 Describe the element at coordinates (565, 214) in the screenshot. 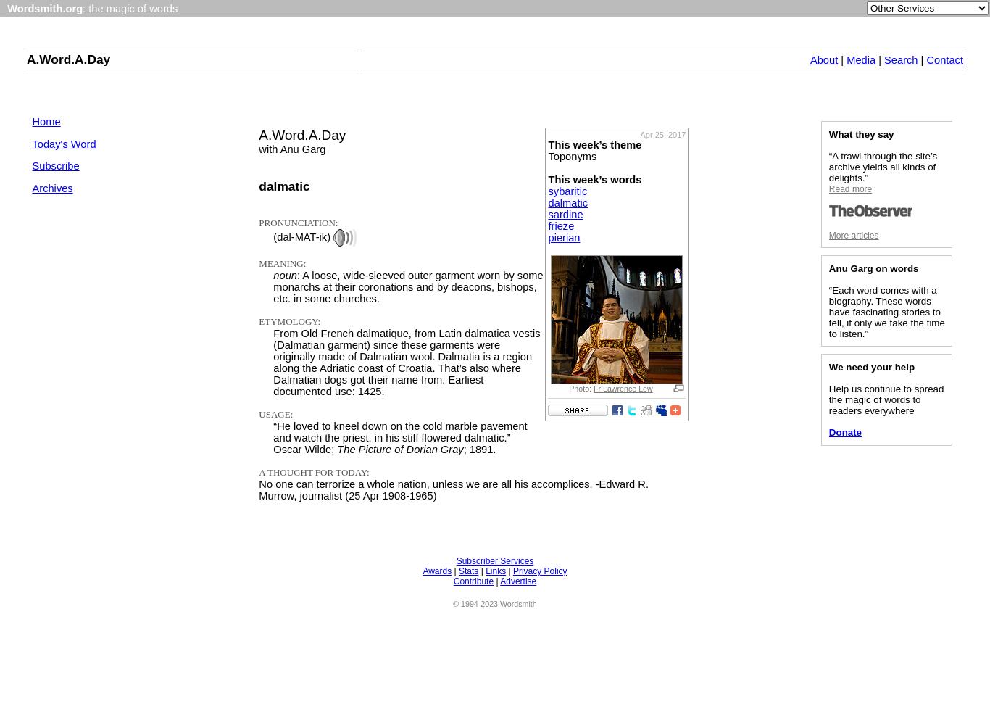

I see `'sardine'` at that location.